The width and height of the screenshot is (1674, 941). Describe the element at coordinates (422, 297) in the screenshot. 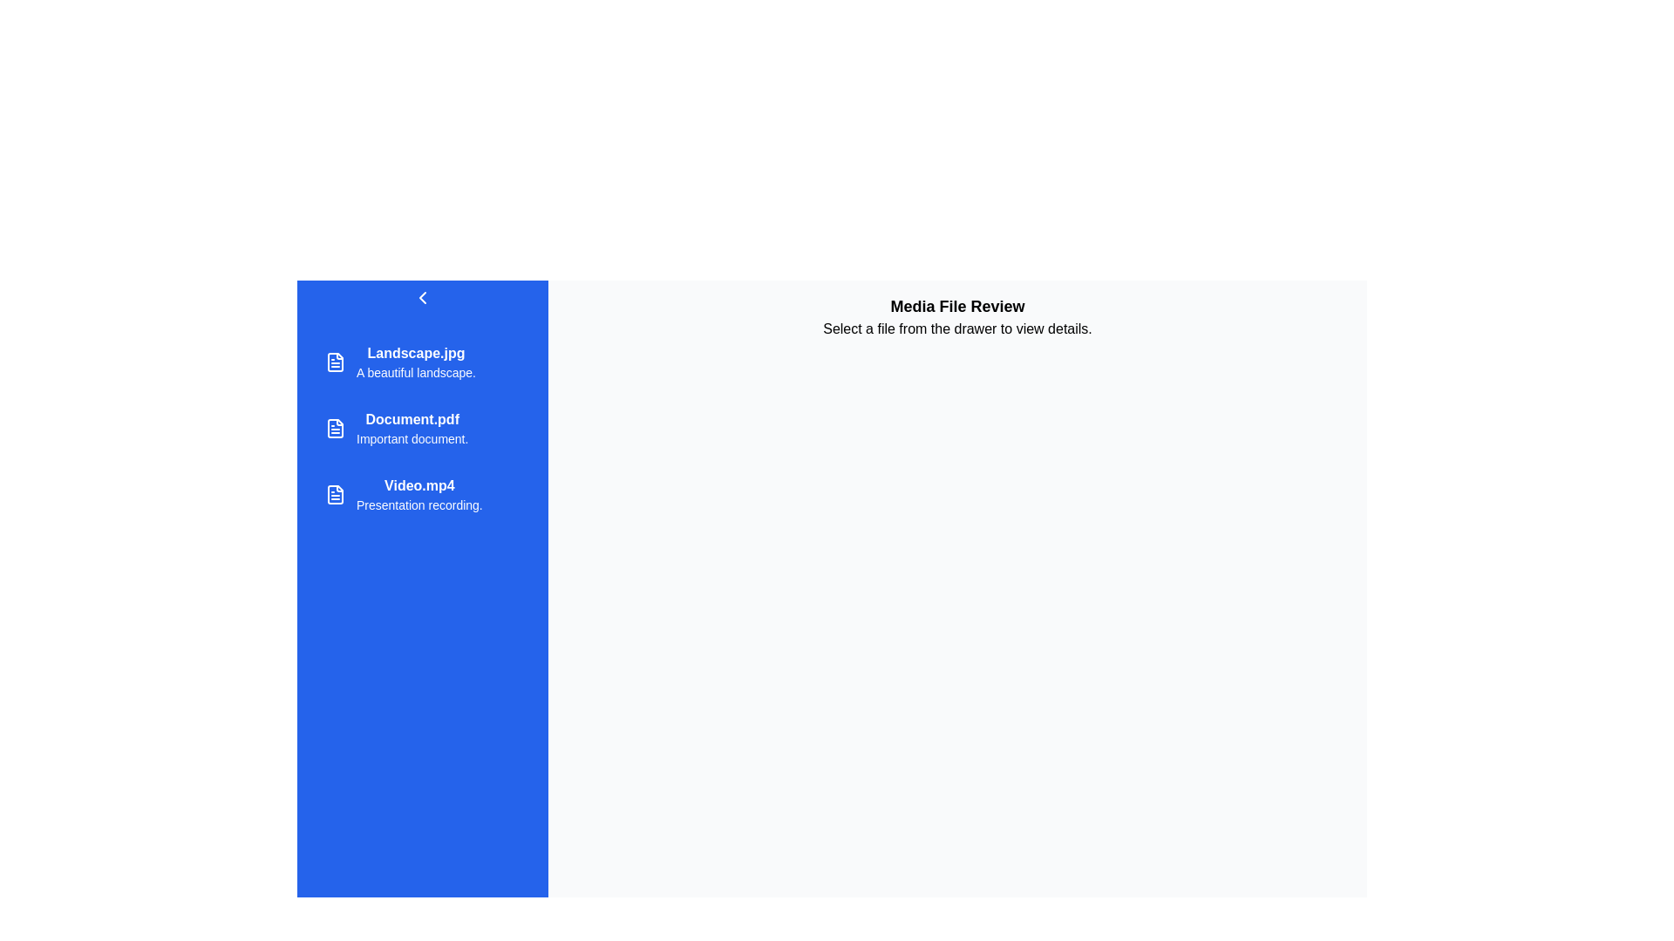

I see `the left-pointing chevron icon in the side navigation pane` at that location.